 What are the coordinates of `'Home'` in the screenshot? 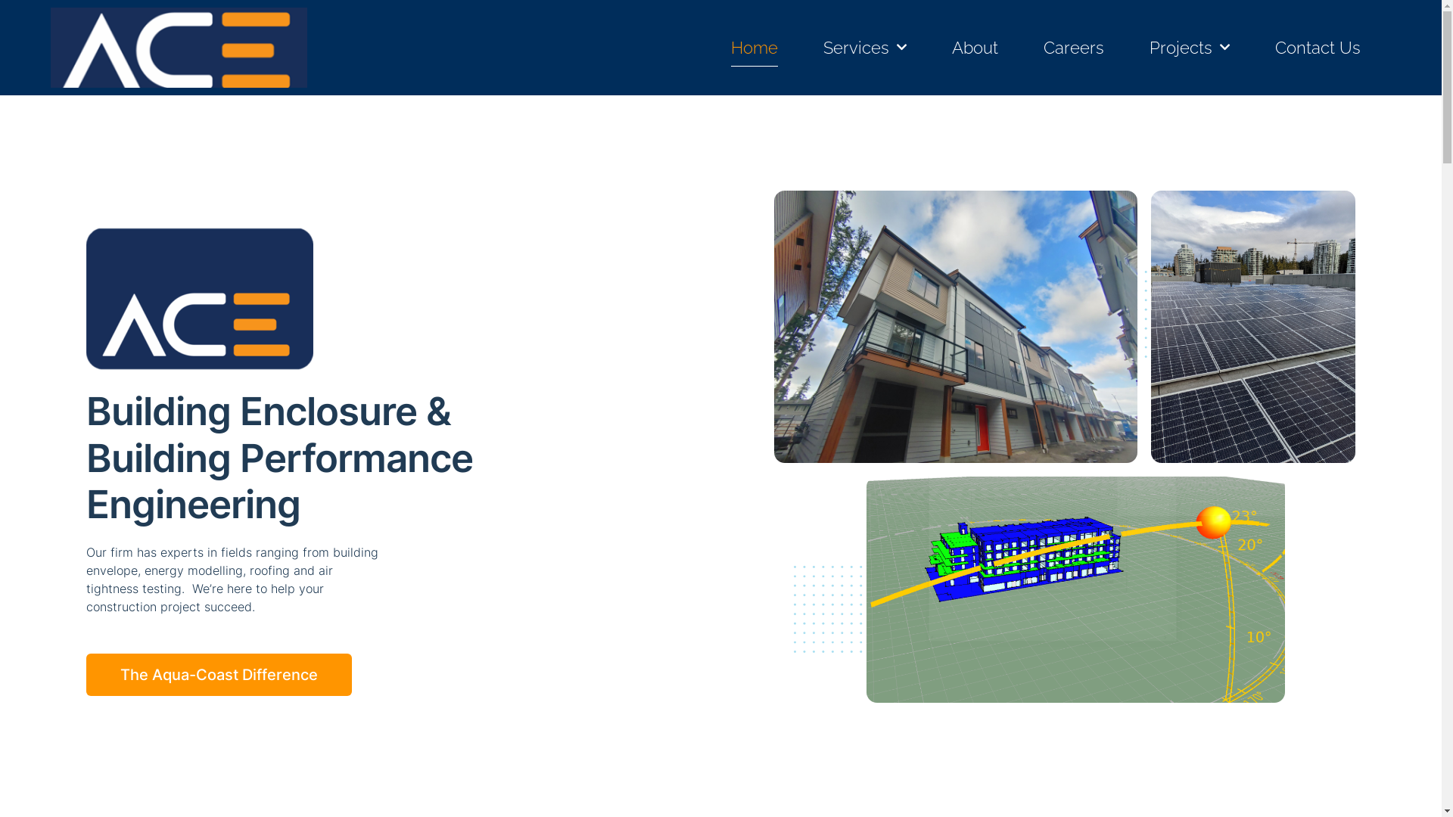 It's located at (755, 46).